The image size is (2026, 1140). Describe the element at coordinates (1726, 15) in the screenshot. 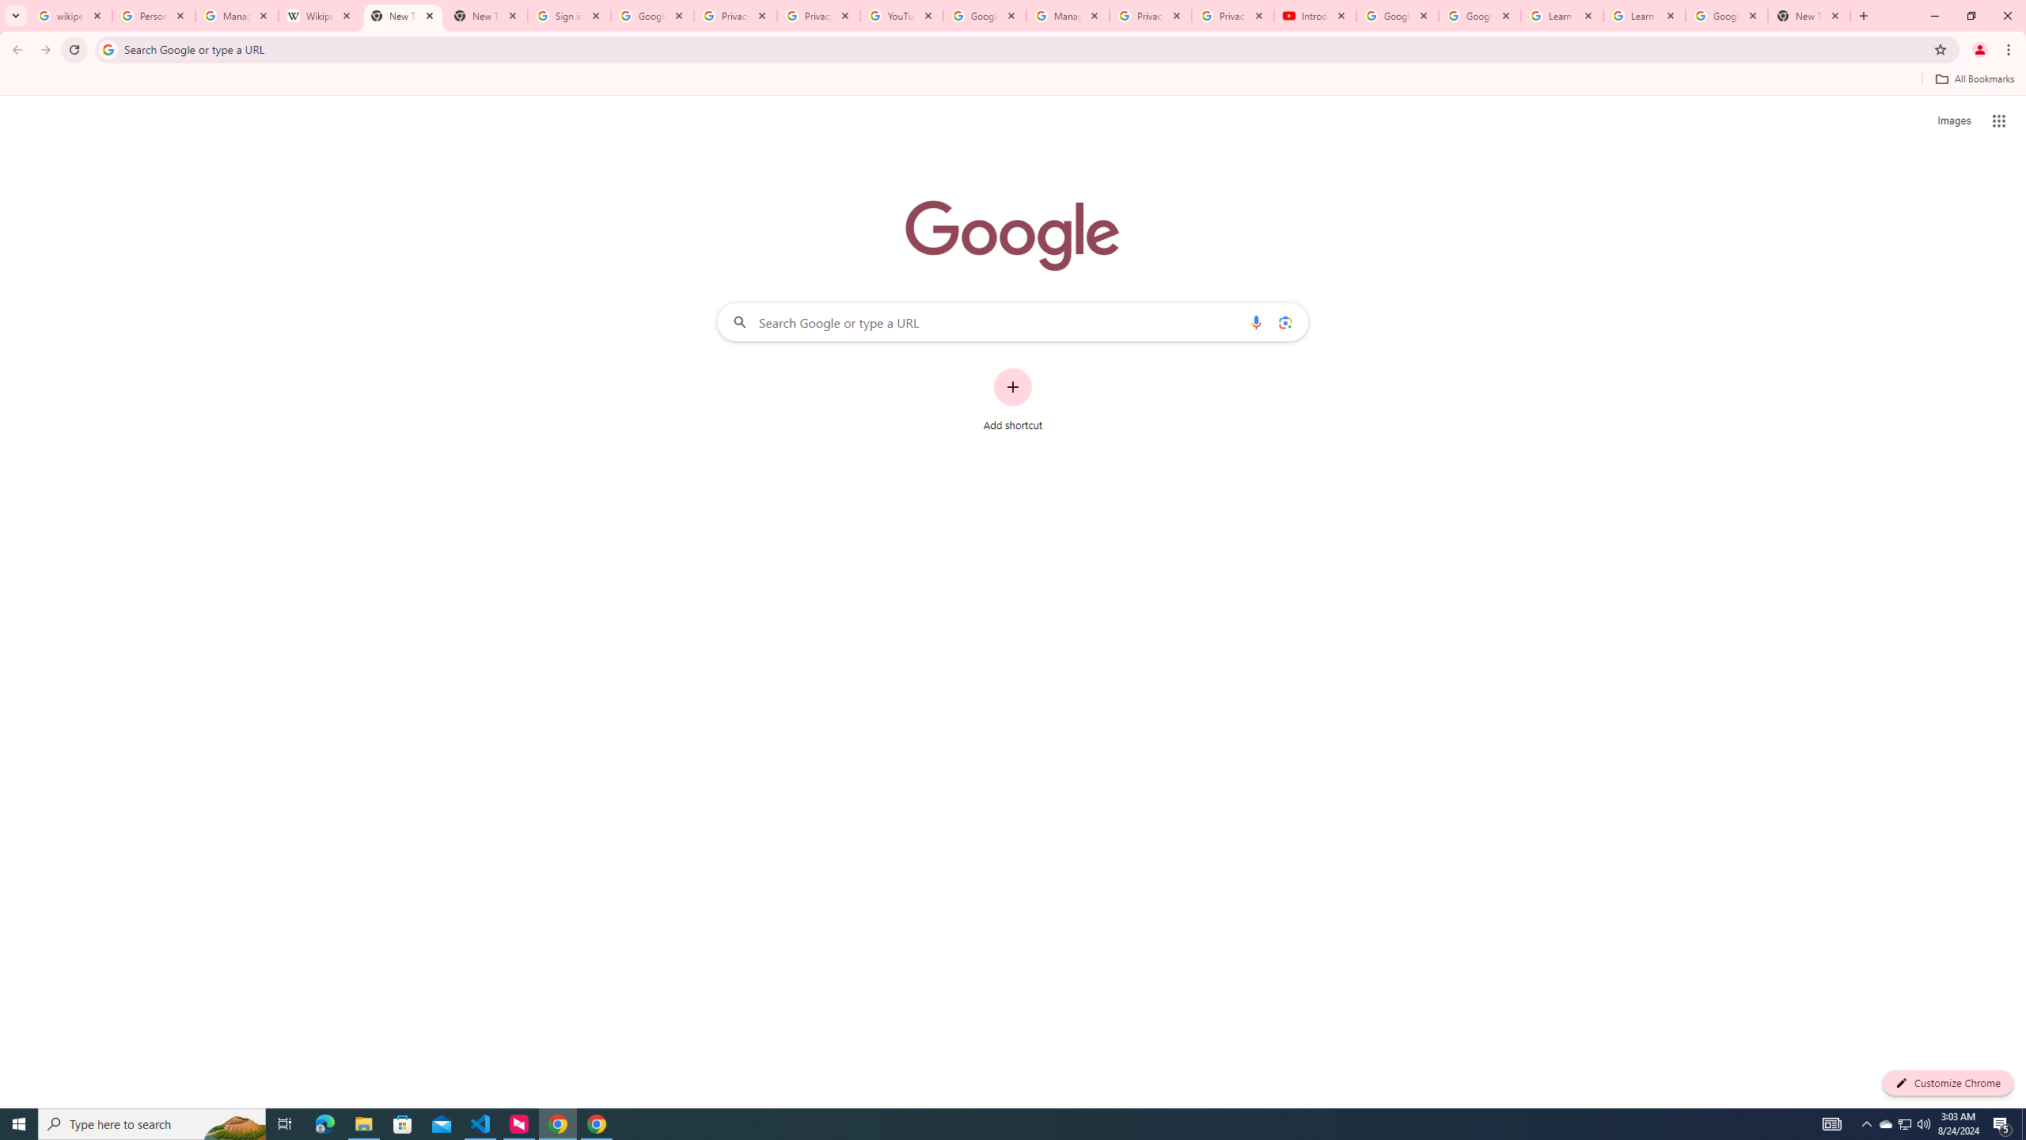

I see `'Google Account'` at that location.